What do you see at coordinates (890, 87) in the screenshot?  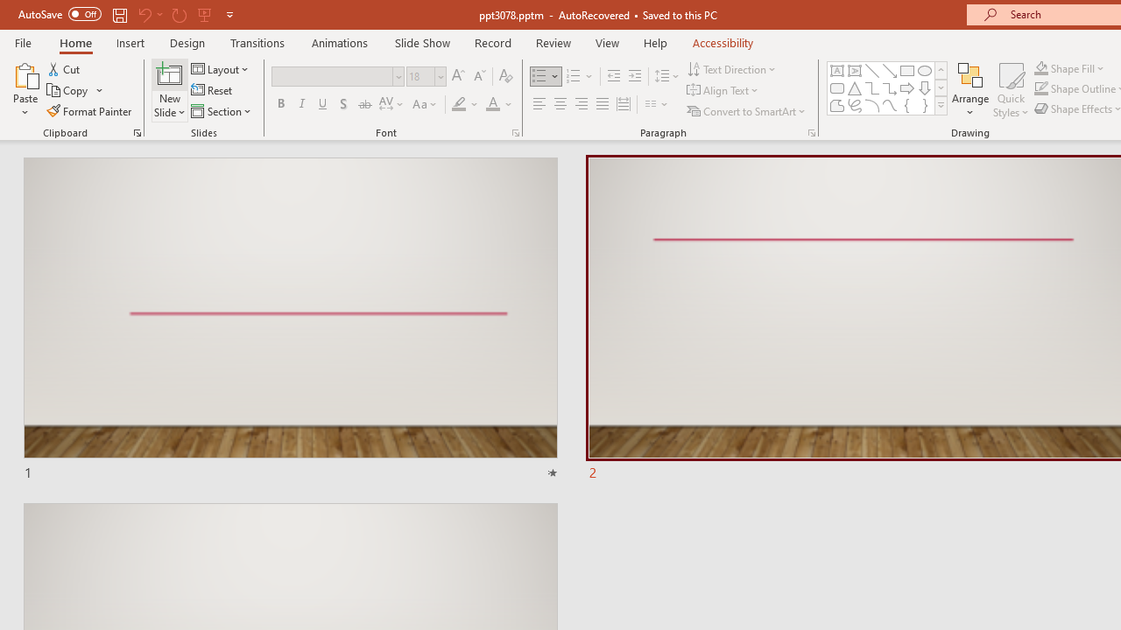 I see `'Connector: Elbow Arrow'` at bounding box center [890, 87].